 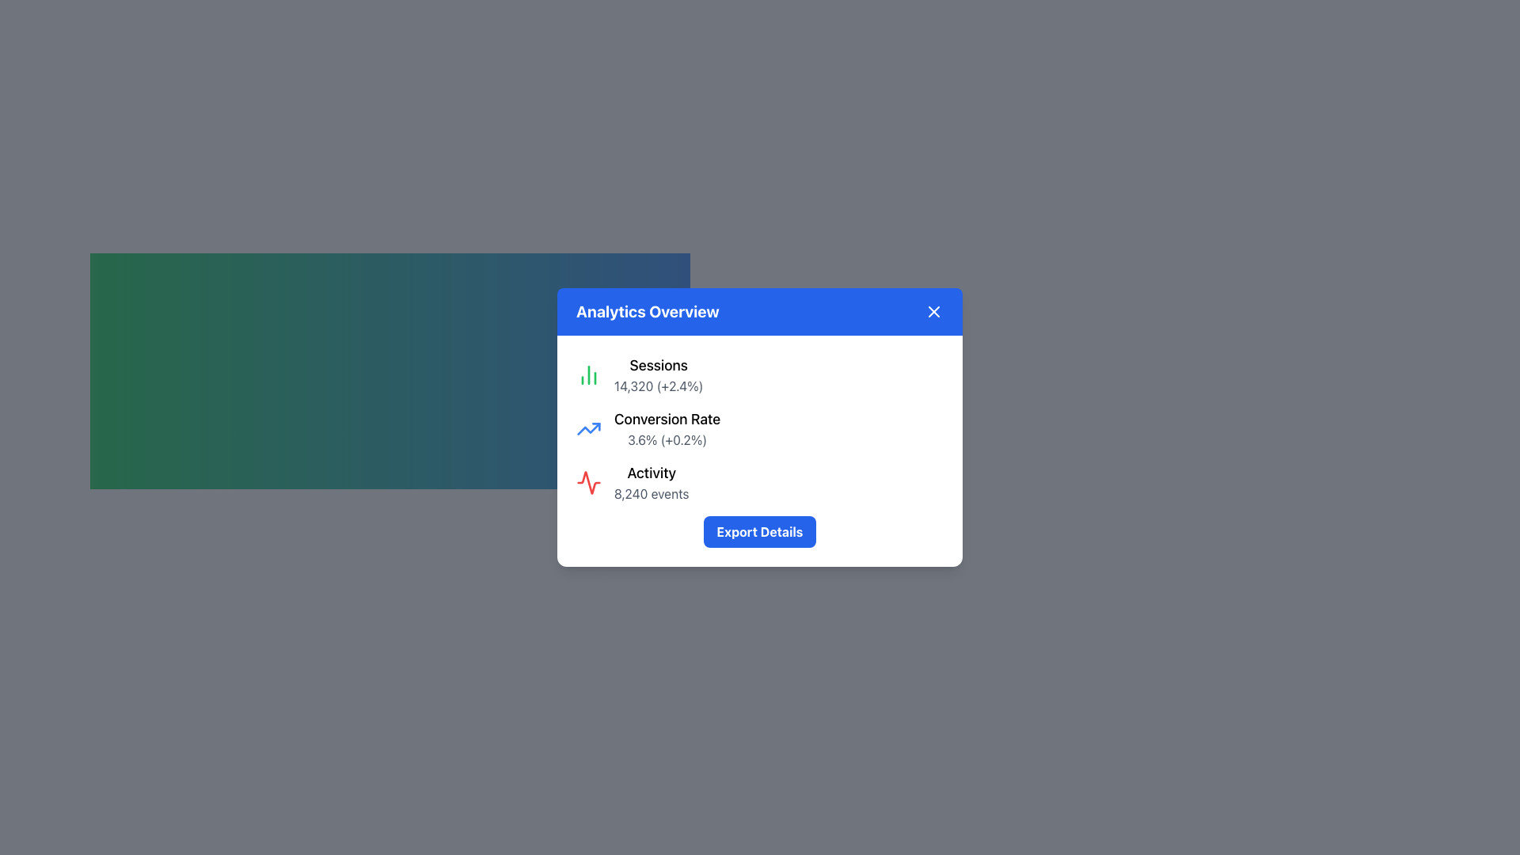 I want to click on the uptrend graph icon represented by a blue arrow line, located to the immediate left of the text 'Conversion Rate' in the 'Analytics Overview' card, so click(x=588, y=429).